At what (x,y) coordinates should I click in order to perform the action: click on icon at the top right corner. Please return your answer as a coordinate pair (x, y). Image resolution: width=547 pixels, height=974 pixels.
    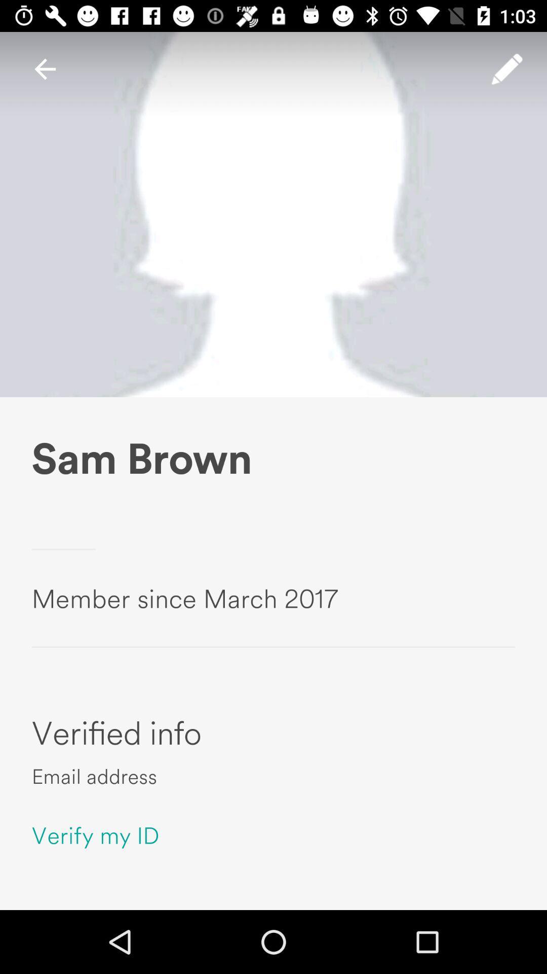
    Looking at the image, I should click on (507, 68).